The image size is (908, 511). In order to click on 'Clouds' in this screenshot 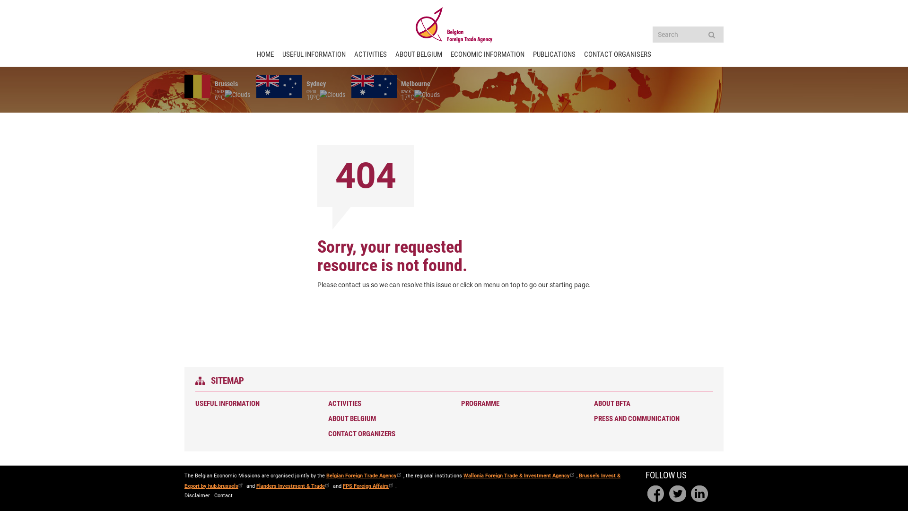, I will do `click(426, 95)`.